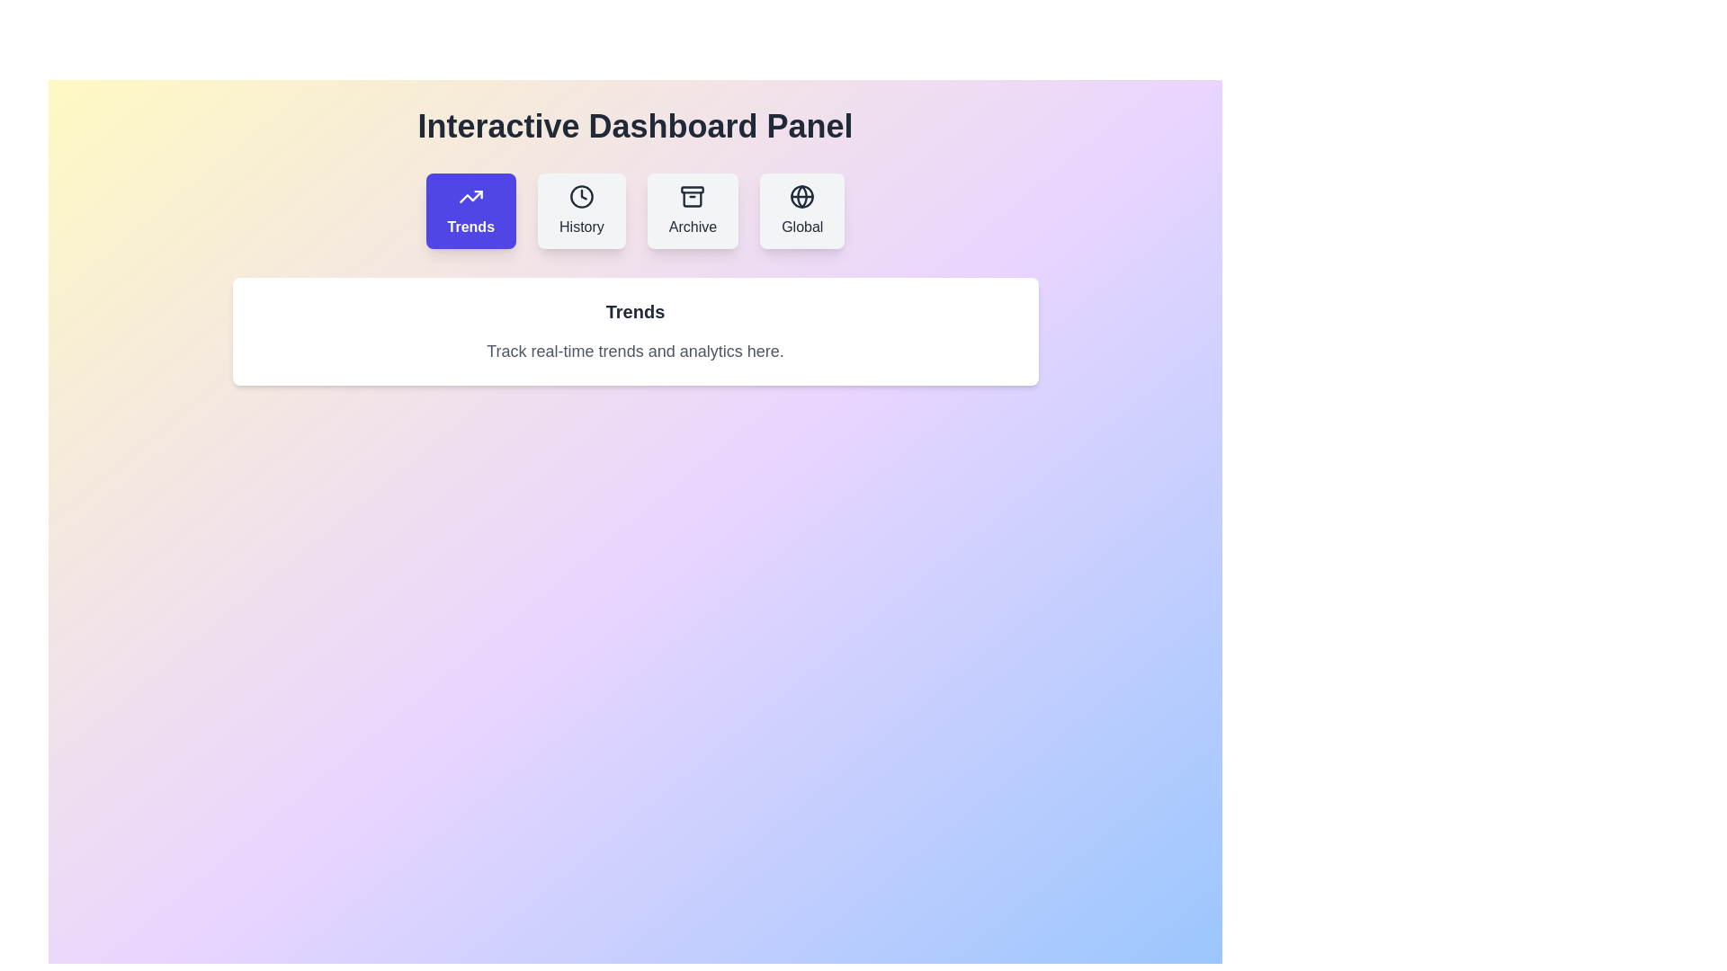  What do you see at coordinates (692, 210) in the screenshot?
I see `the Archive tab to view its content` at bounding box center [692, 210].